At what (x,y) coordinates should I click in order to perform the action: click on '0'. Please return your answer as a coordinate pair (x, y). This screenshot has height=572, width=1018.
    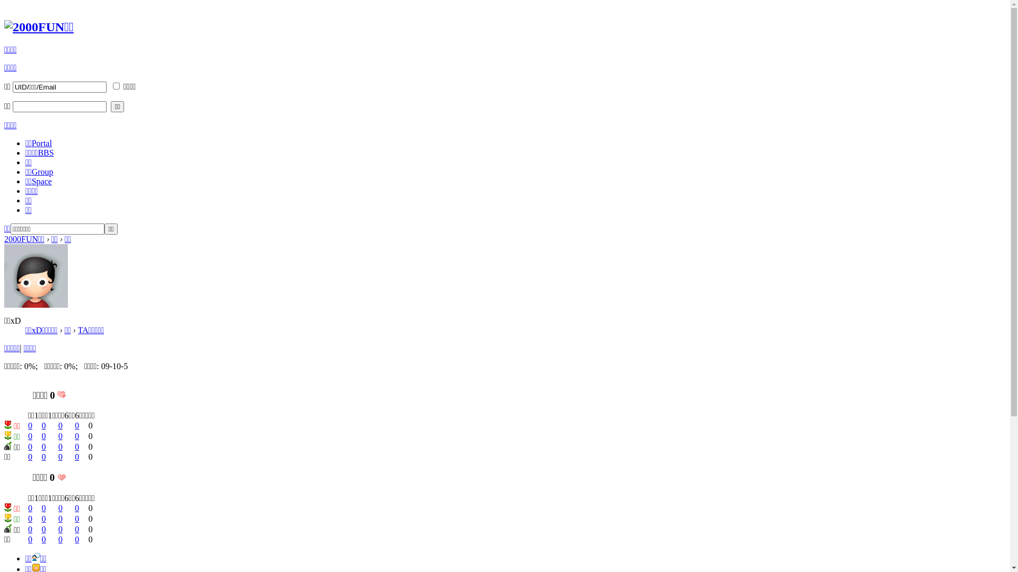
    Looking at the image, I should click on (76, 529).